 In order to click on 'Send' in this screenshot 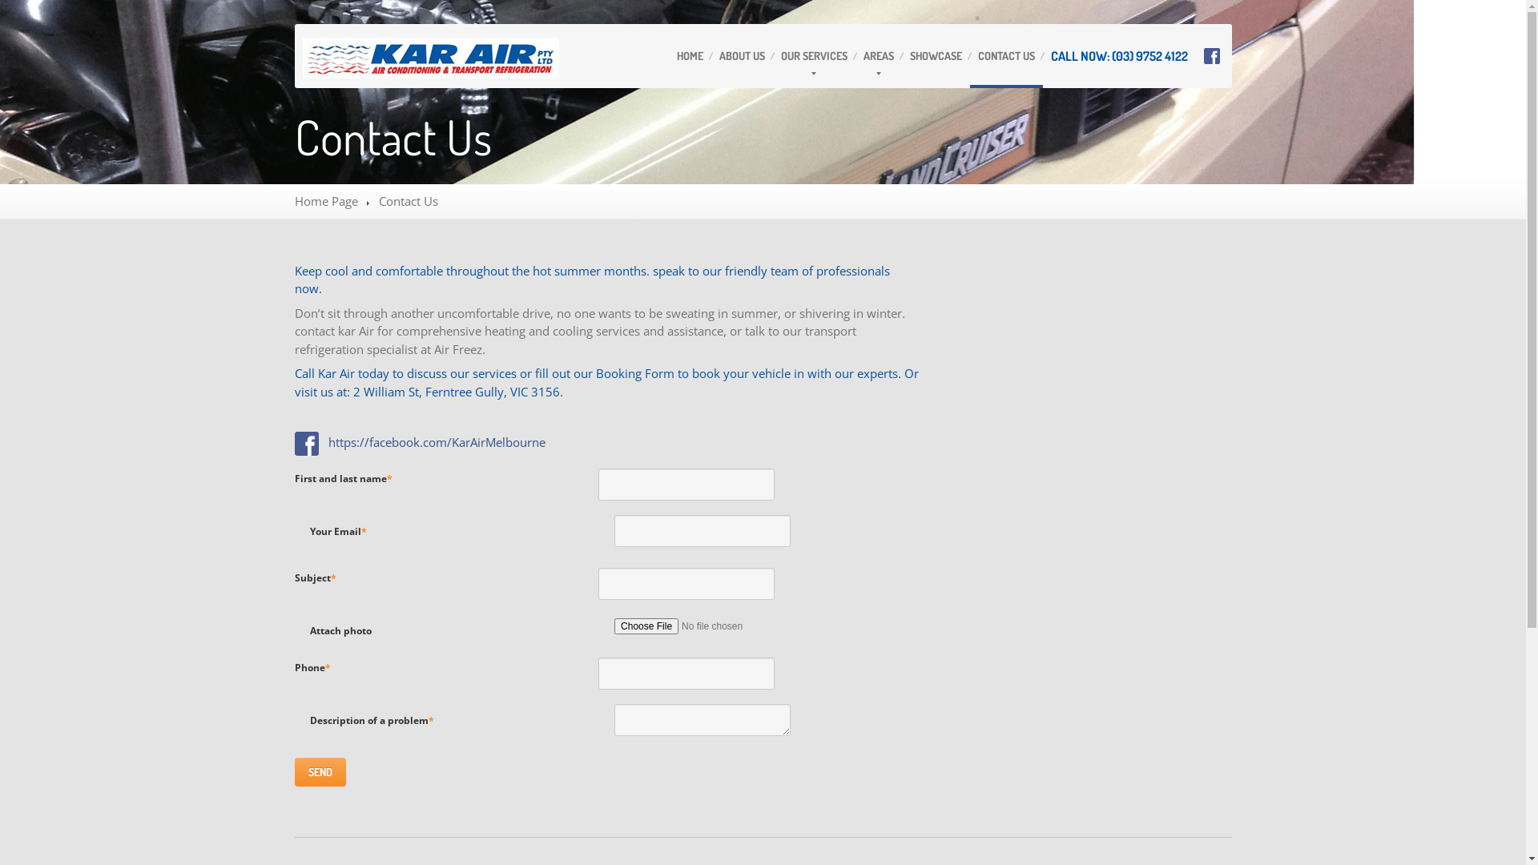, I will do `click(320, 771)`.